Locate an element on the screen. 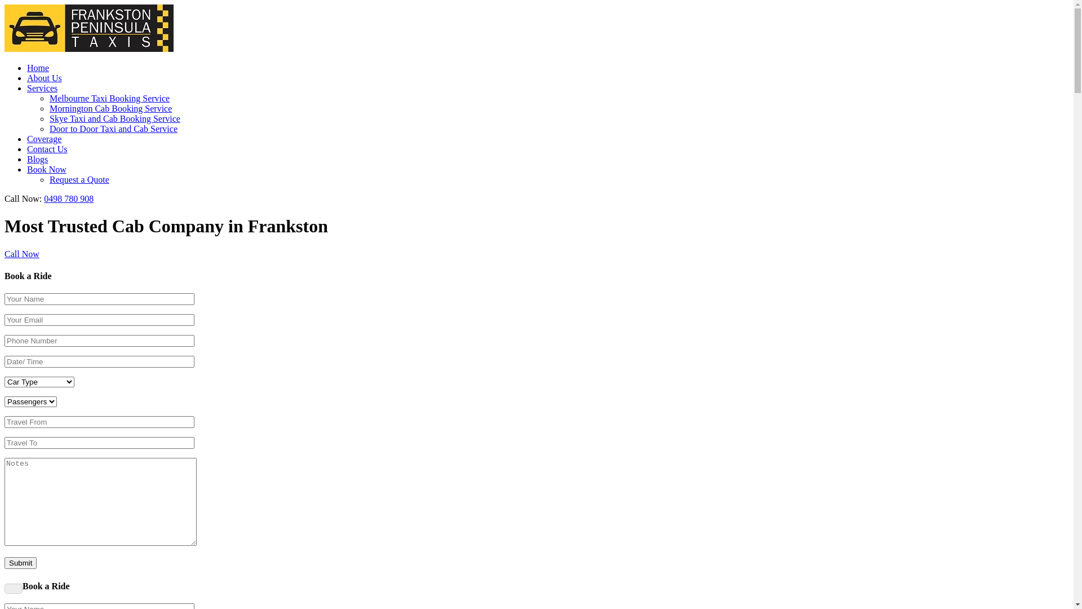 This screenshot has width=1082, height=609. 'Services' is located at coordinates (42, 87).